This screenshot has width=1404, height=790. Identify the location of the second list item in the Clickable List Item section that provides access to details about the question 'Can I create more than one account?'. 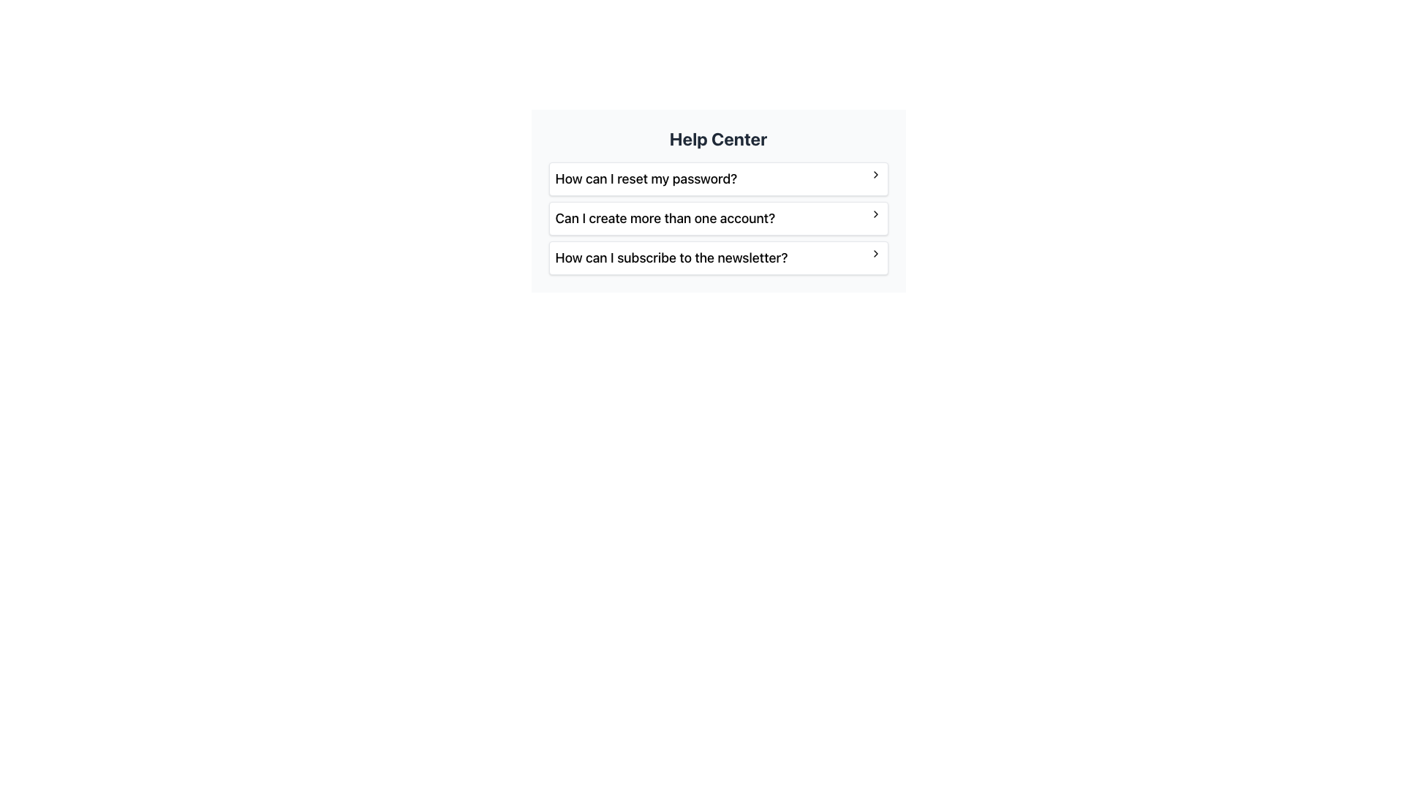
(718, 200).